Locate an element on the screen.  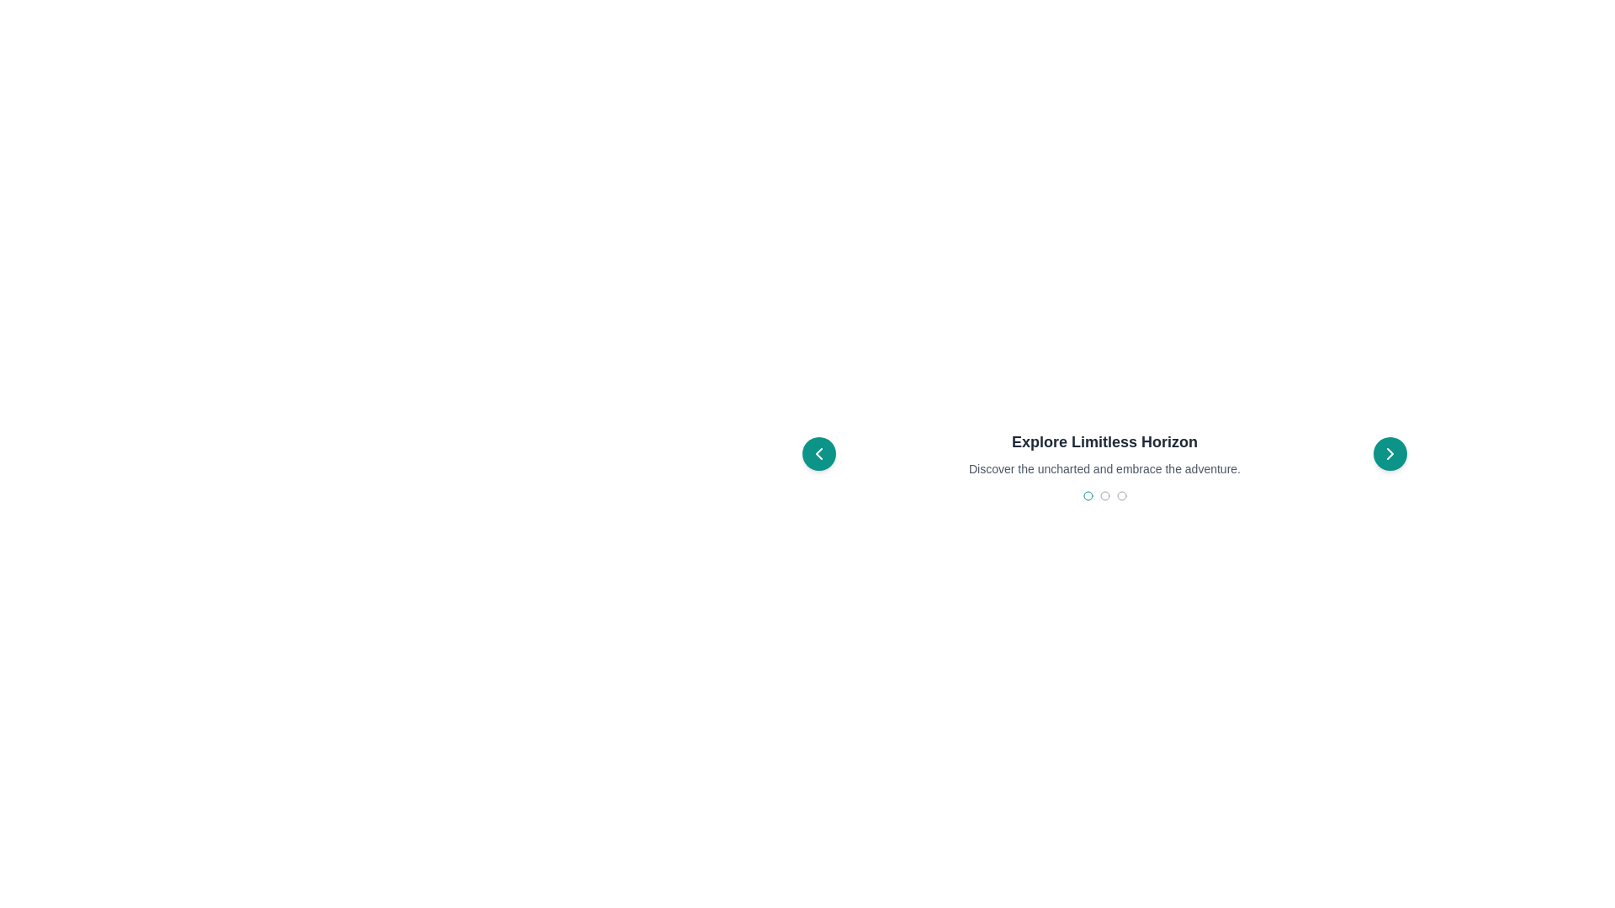
the second gray circular icon in the carousel navigation below the 'Explore Limitless Horizon' text to interact with it is located at coordinates (1104, 495).